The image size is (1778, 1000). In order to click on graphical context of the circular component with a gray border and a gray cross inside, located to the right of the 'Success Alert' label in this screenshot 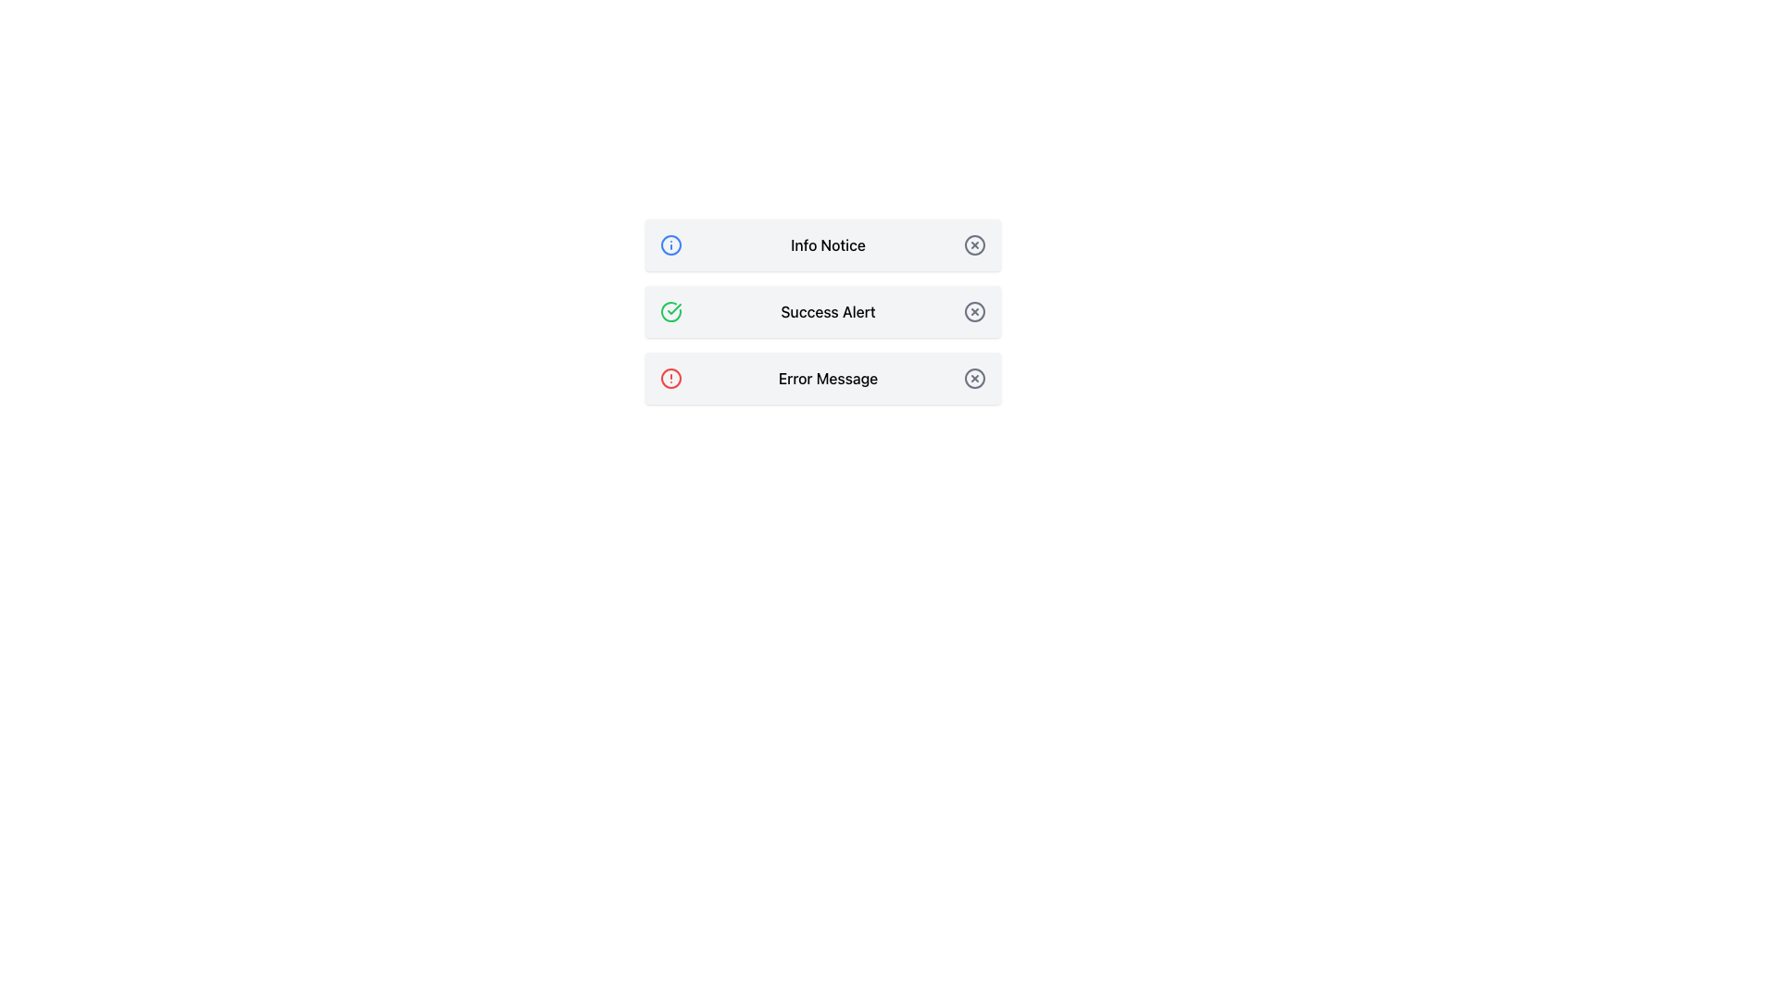, I will do `click(973, 310)`.